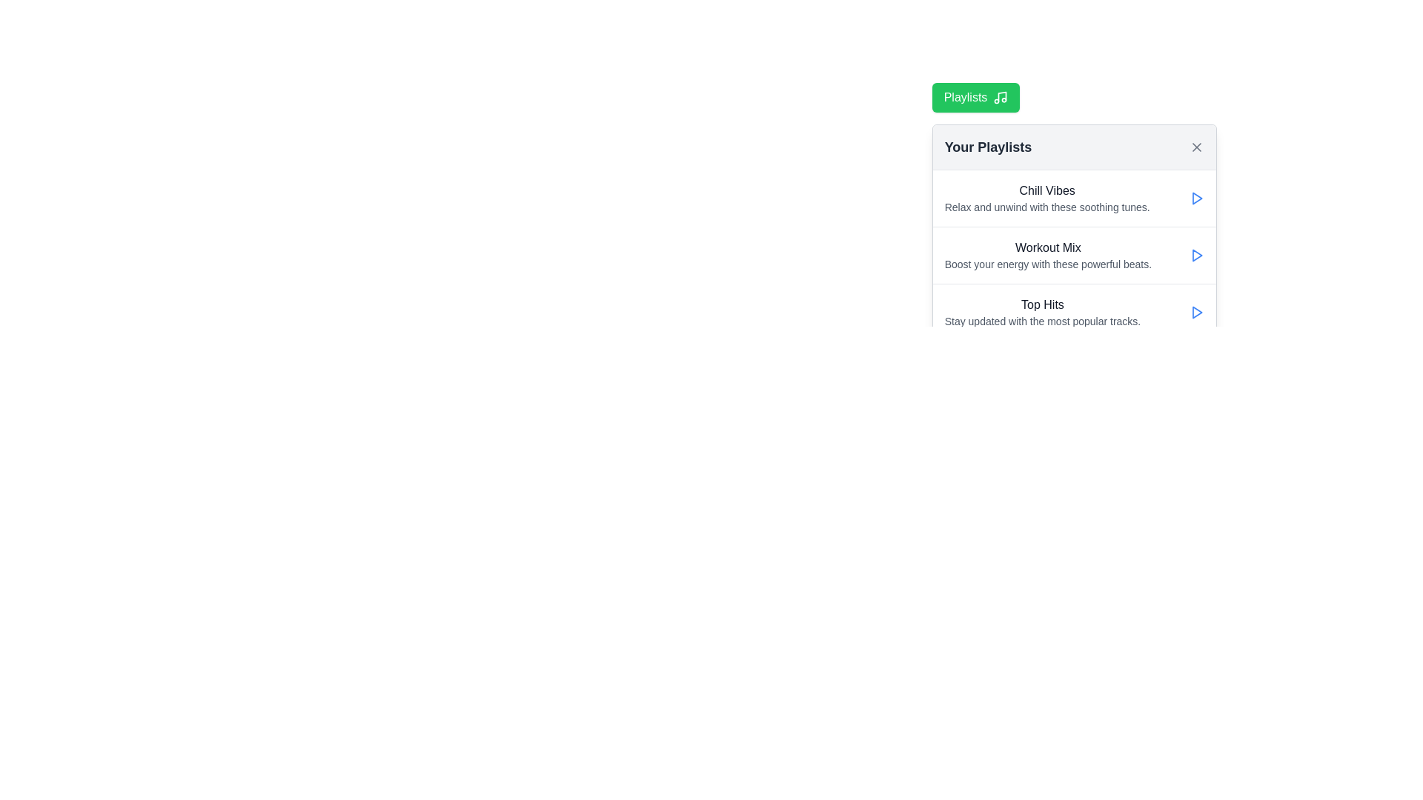 This screenshot has width=1423, height=800. Describe the element at coordinates (1074, 197) in the screenshot. I see `the selectable list item titled 'Chill Vibes', which is the first entry under the 'Your Playlists' header` at that location.